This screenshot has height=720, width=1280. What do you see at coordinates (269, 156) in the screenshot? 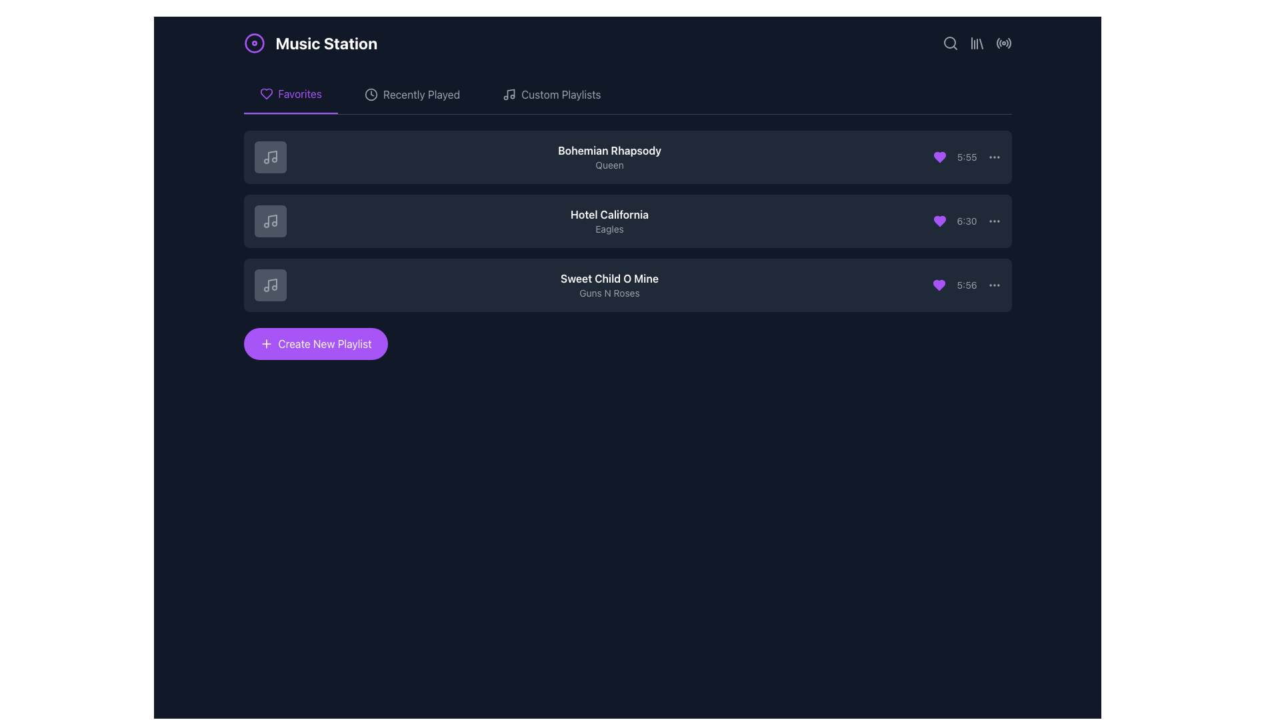
I see `the first square icon in the music list that represents a music item or playlist entry, located above the song details for 'Bohemian Rhapsody' by 'Queen'` at bounding box center [269, 156].